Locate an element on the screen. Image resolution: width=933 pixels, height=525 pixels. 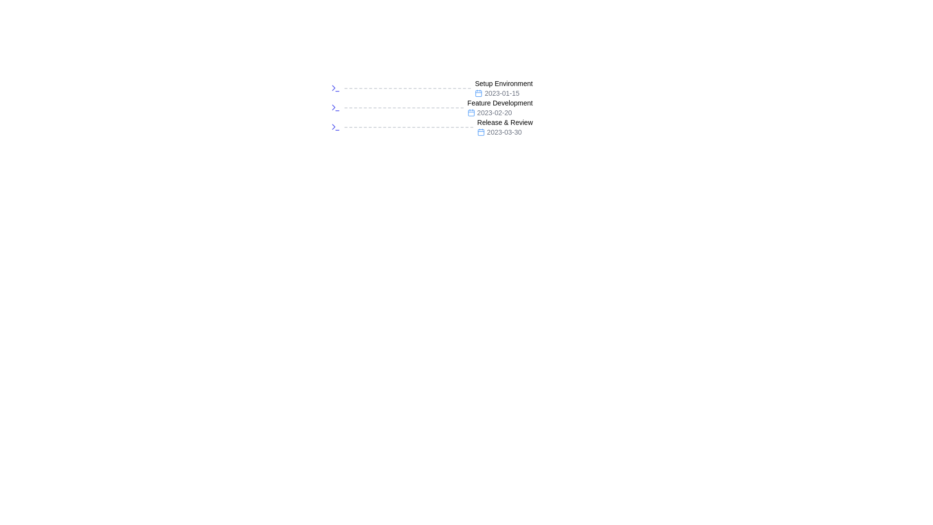
the icon representing 'Feature Development' located adjacent to the text 'Feature Development 2023-02-20' is located at coordinates (335, 108).